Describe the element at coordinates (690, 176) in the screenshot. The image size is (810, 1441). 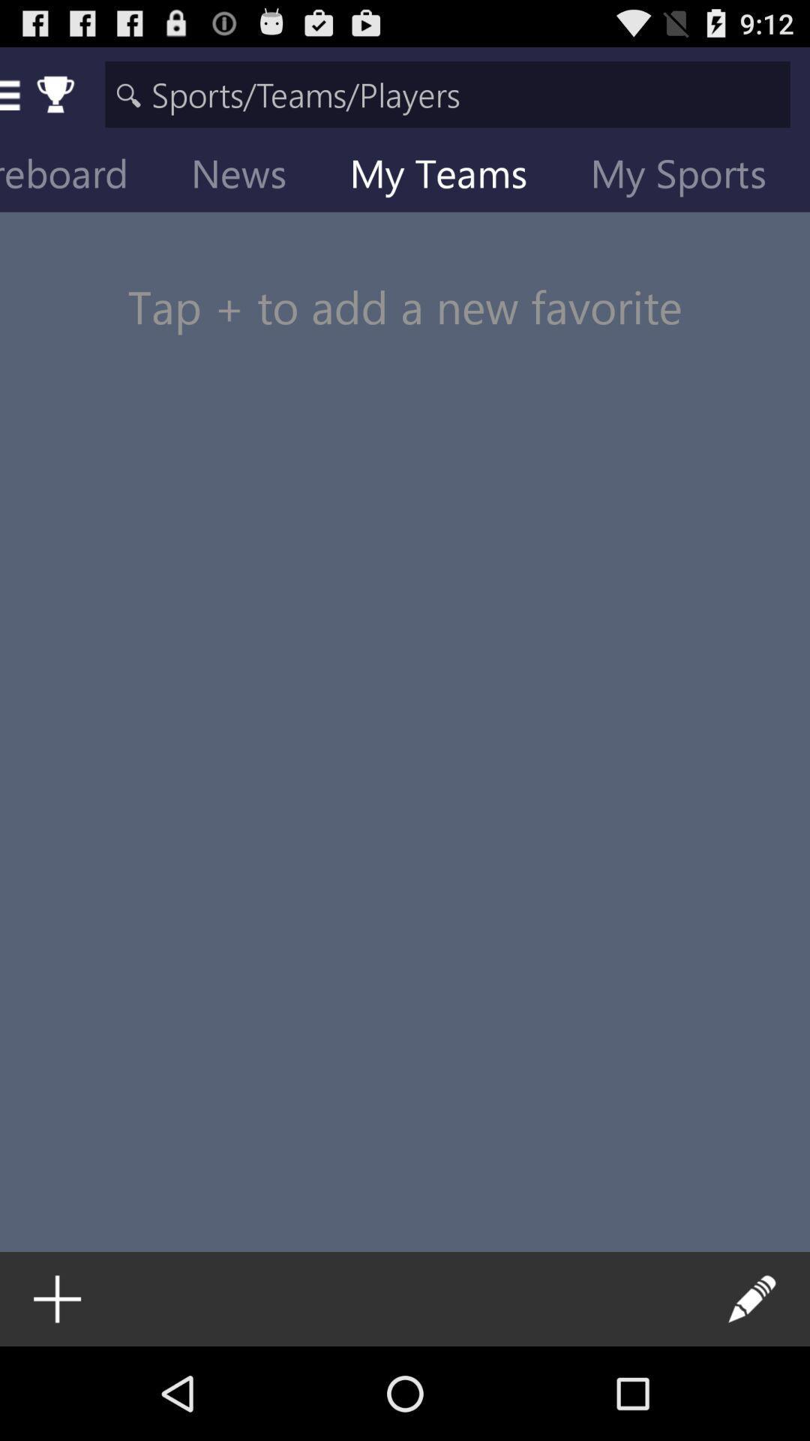
I see `the item next to the my teams item` at that location.